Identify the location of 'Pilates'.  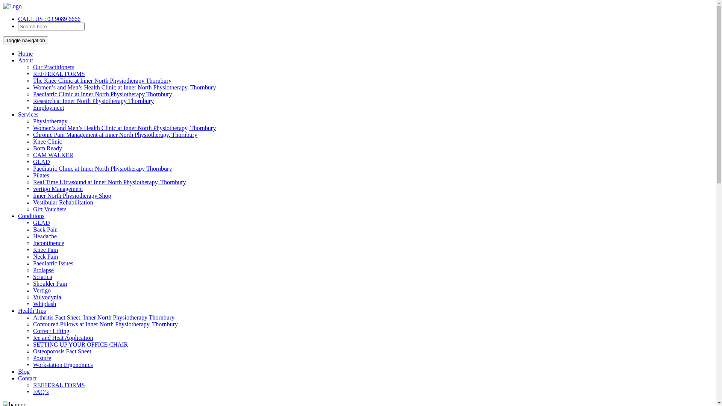
(32, 175).